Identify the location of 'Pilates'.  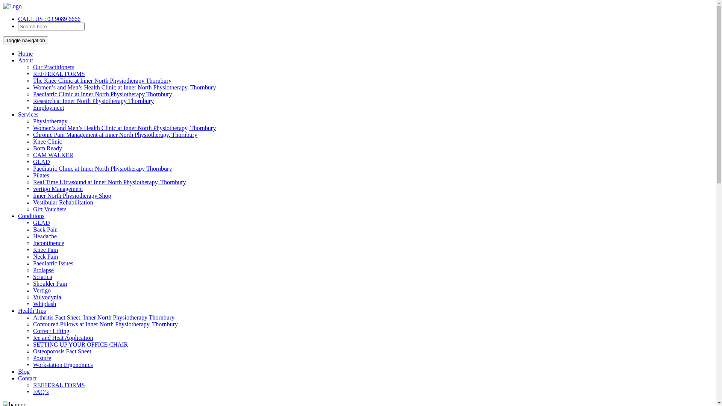
(32, 175).